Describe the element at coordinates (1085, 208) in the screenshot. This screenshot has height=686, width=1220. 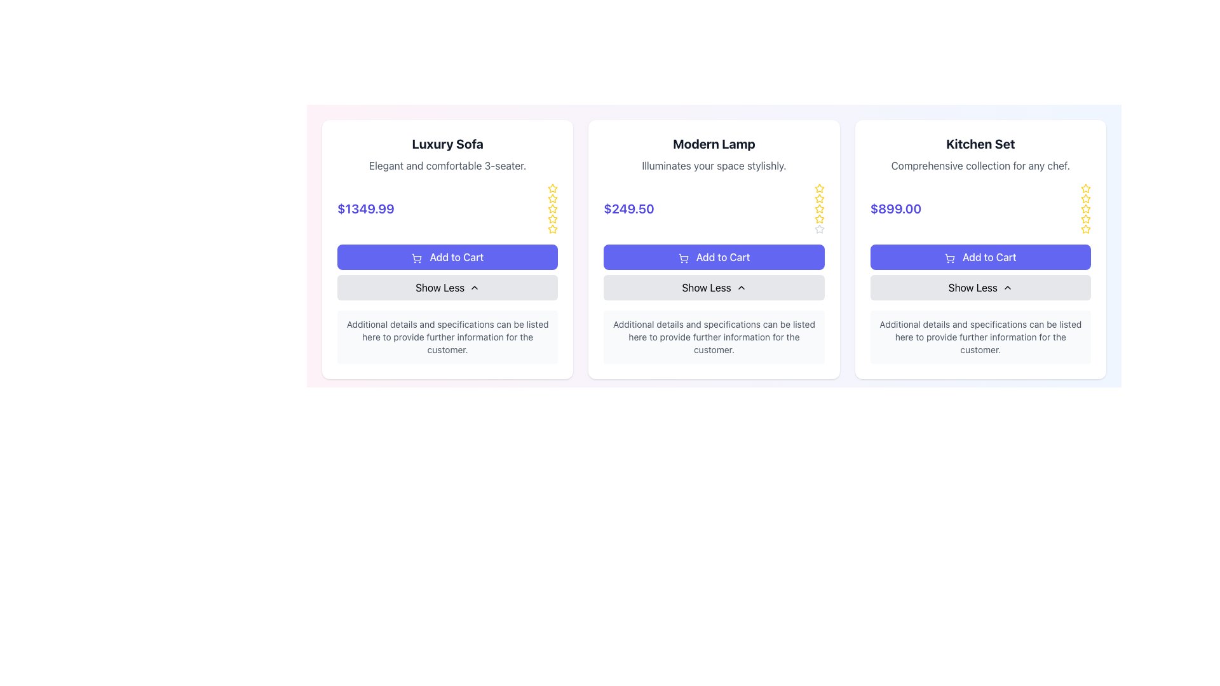
I see `the fourth star icon in the rightmost column of stars on the product card priced at $899.00 to rate or view details` at that location.